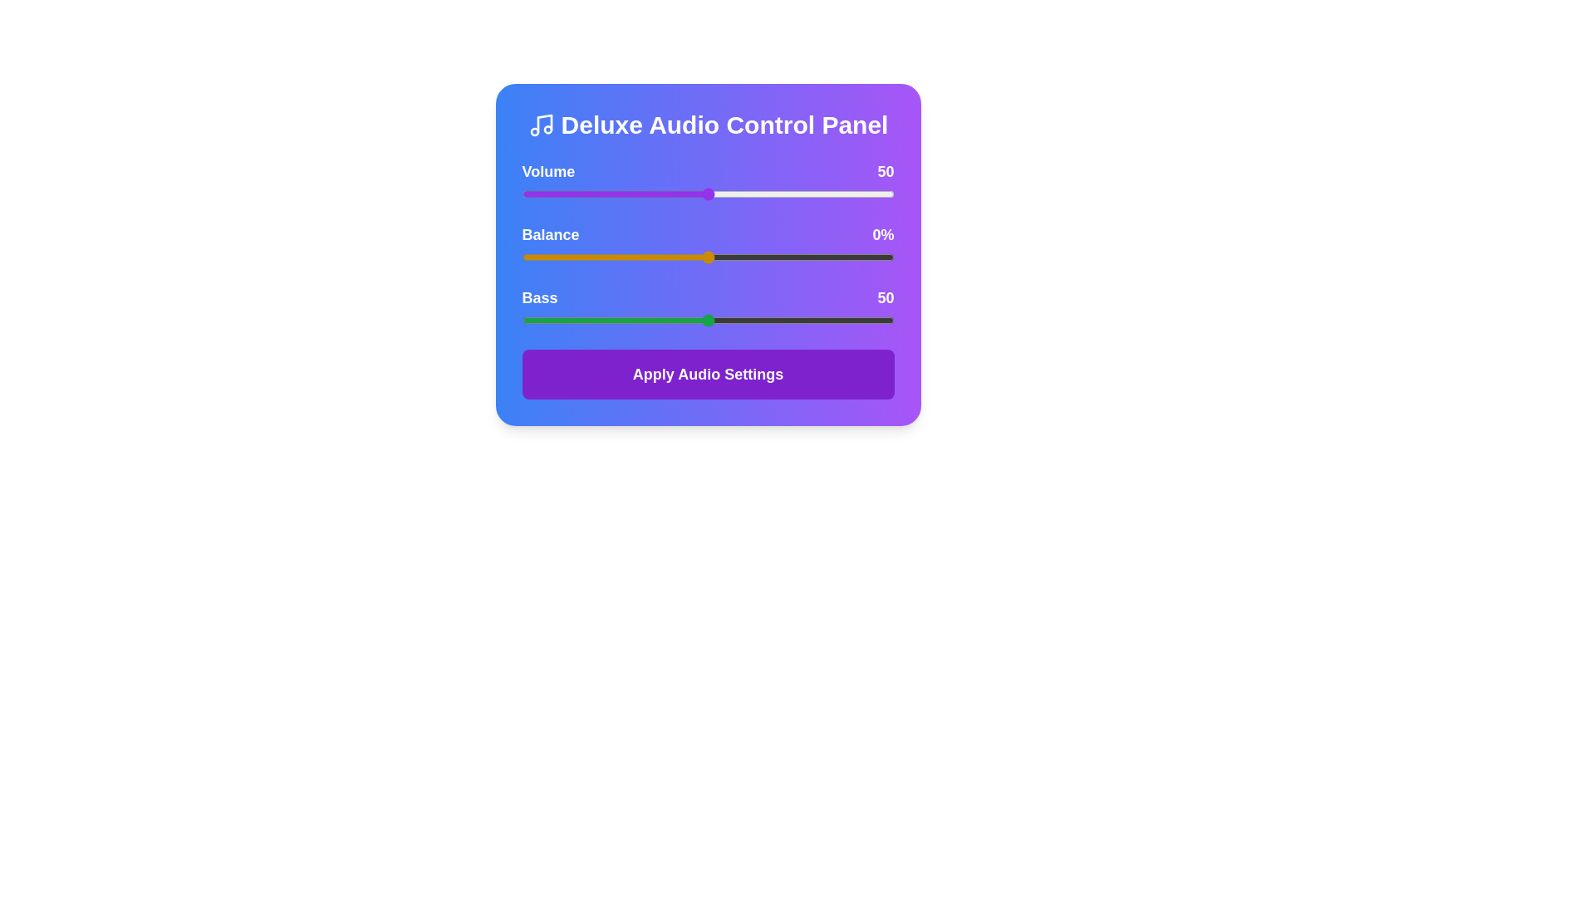 The width and height of the screenshot is (1595, 897). I want to click on the static text label displaying '0%' in white font, which is positioned on the right end of the 'Balance' slider bar within the interface, so click(882, 234).